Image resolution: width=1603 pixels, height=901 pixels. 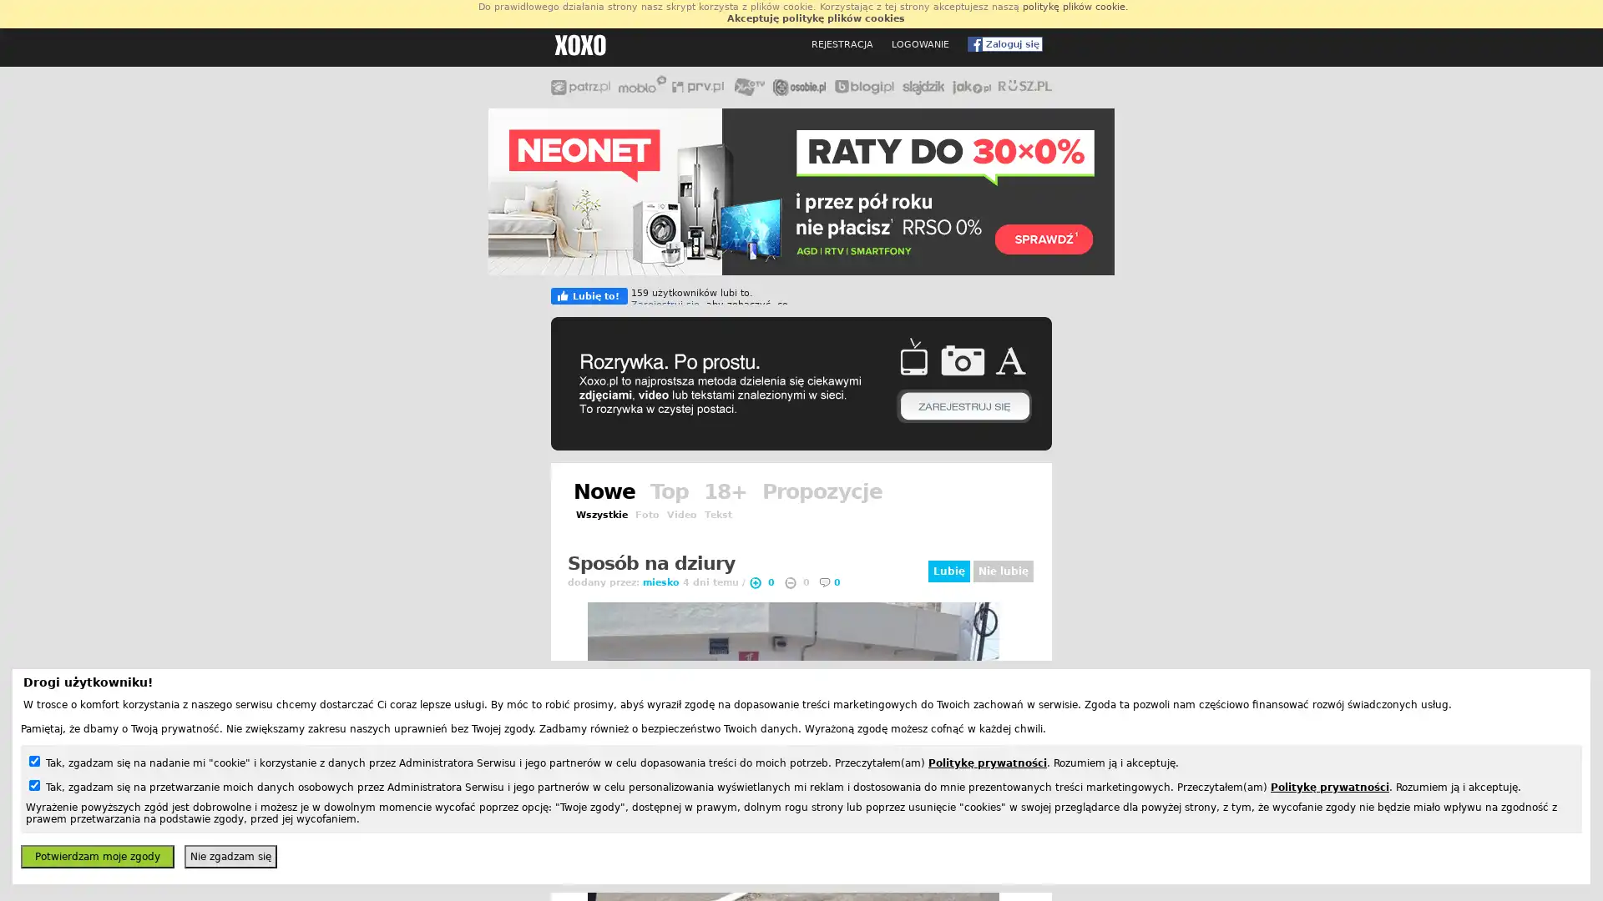 I want to click on Nie zgadzam sie, so click(x=230, y=856).